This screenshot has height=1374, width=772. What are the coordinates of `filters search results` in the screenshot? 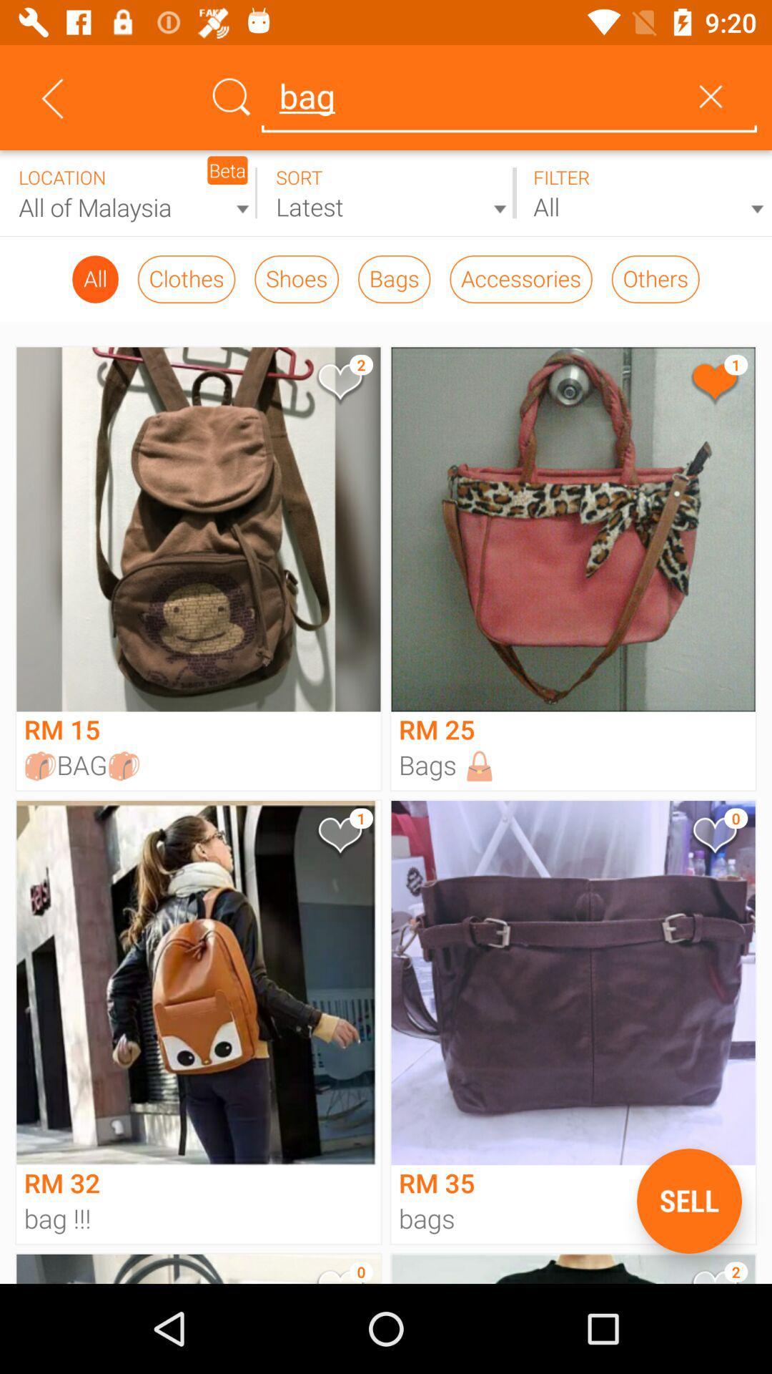 It's located at (642, 193).